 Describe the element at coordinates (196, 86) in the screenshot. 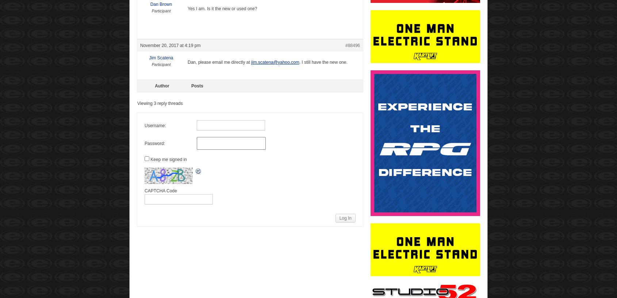

I see `'Posts'` at that location.